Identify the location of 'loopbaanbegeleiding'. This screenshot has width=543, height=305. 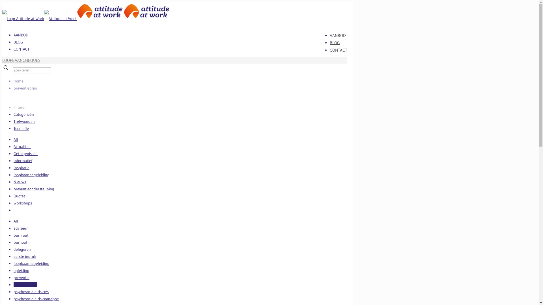
(31, 174).